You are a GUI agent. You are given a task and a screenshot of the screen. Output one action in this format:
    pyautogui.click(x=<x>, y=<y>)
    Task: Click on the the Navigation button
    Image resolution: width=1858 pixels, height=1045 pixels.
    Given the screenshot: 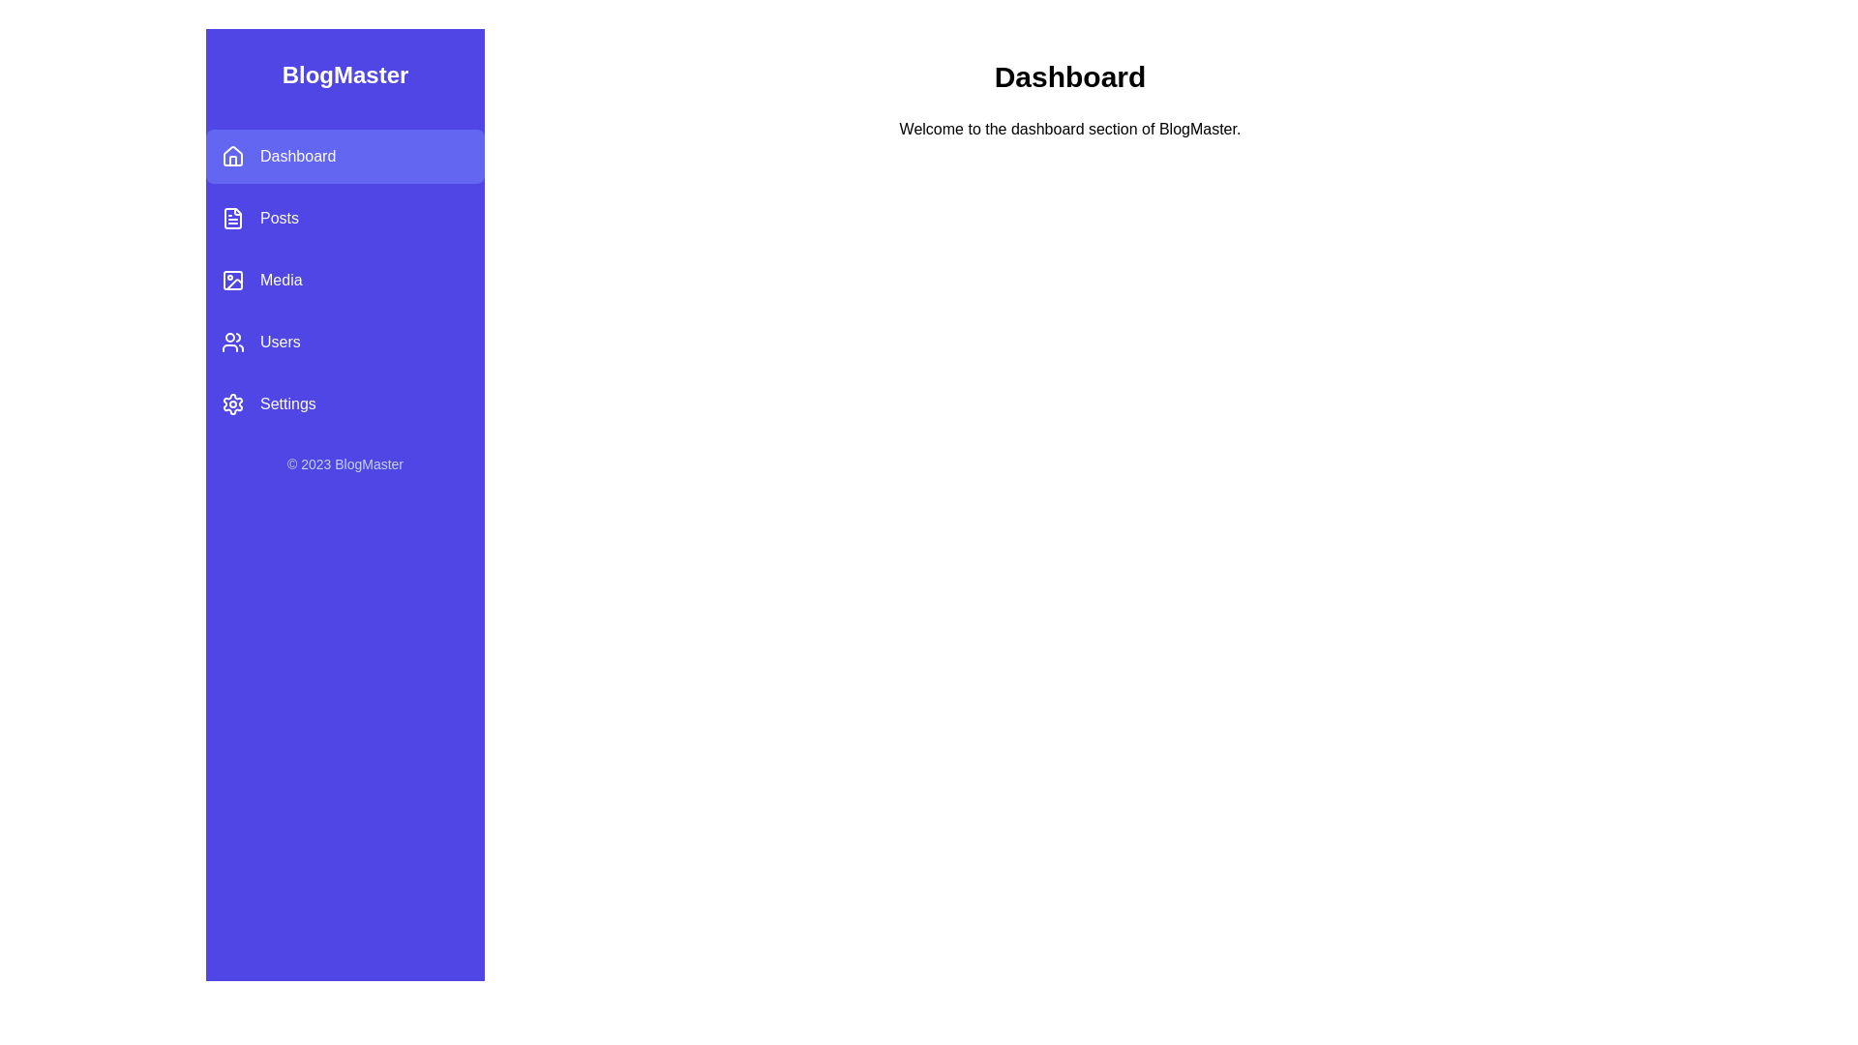 What is the action you would take?
    pyautogui.click(x=345, y=218)
    